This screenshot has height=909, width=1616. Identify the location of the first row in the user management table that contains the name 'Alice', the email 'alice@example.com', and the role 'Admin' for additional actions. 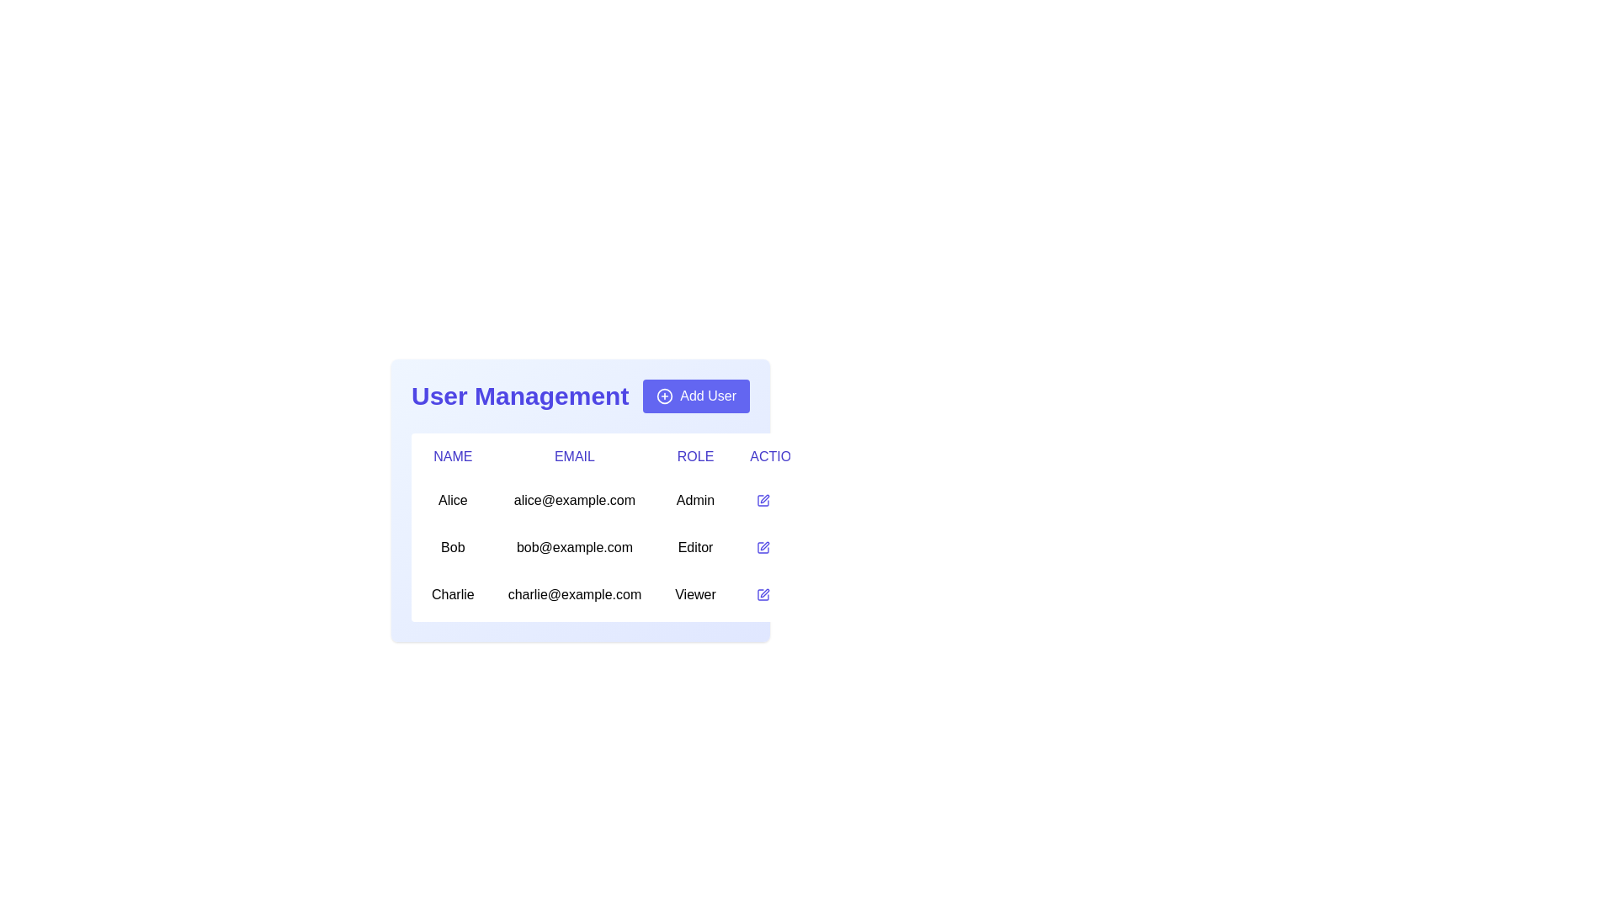
(619, 499).